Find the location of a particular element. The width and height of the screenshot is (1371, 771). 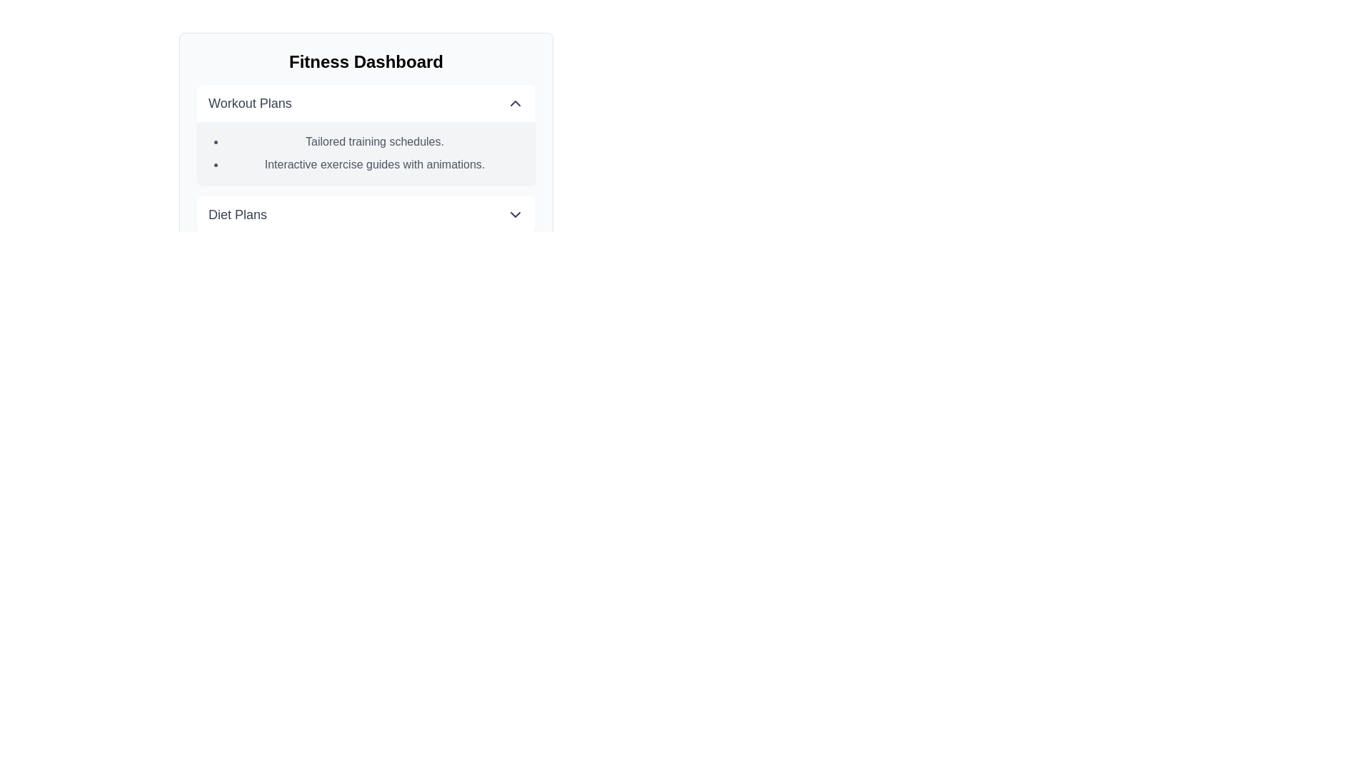

text content from the bullet points in the 'Workout Plans' section, which provides information about training schedules and exercise guides is located at coordinates (366, 153).